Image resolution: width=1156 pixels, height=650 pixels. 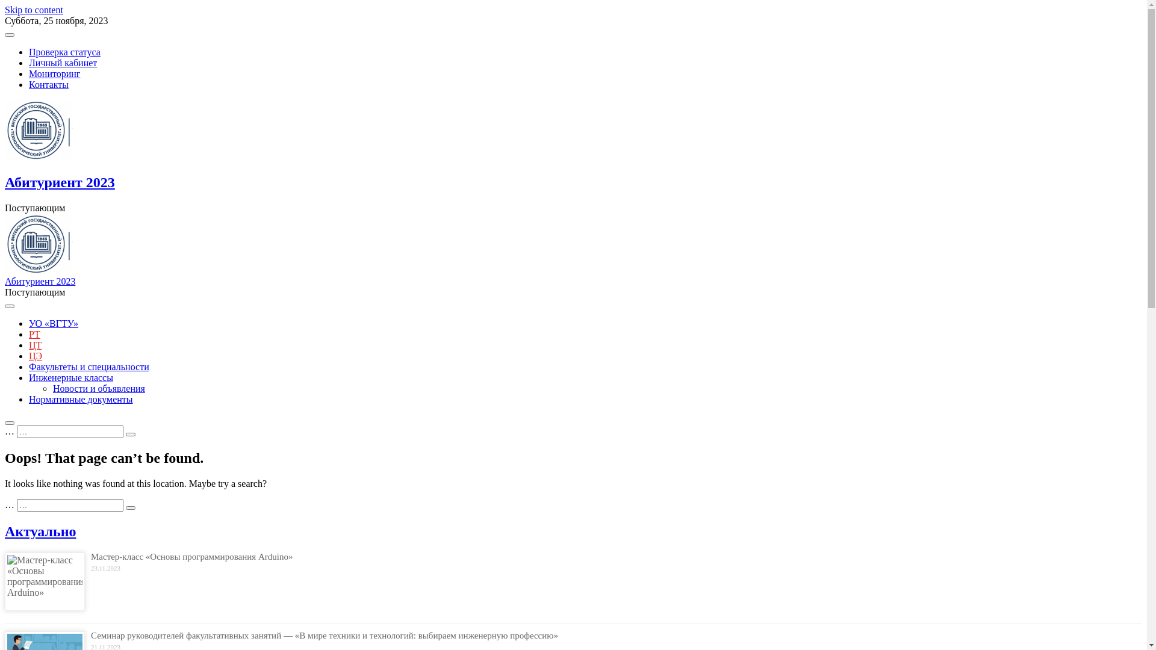 I want to click on 'Skip to content', so click(x=5, y=10).